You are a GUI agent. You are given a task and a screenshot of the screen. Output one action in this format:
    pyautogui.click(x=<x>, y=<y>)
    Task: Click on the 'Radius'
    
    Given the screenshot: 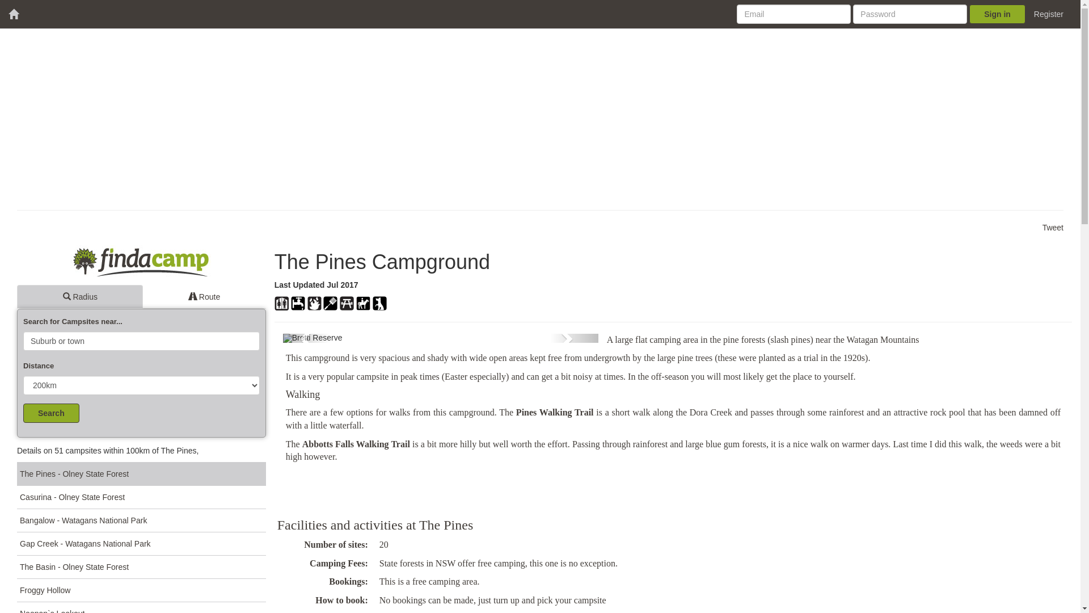 What is the action you would take?
    pyautogui.click(x=79, y=296)
    